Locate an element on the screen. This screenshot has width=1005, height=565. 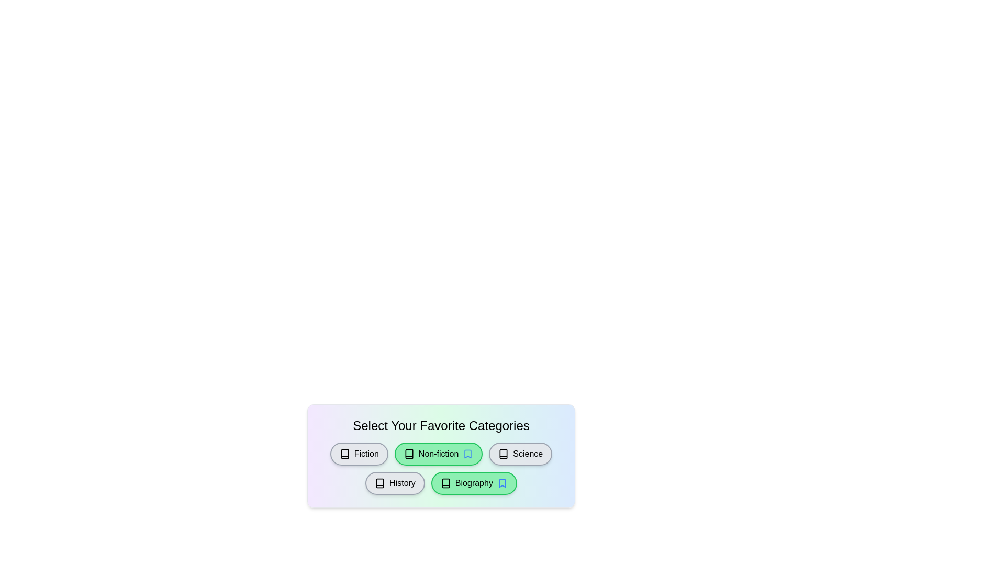
the category Science is located at coordinates (520, 453).